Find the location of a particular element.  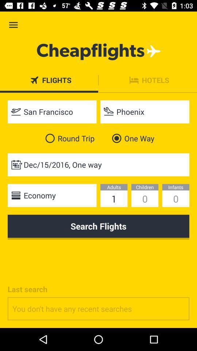

the icon next to the phoenix icon is located at coordinates (51, 112).